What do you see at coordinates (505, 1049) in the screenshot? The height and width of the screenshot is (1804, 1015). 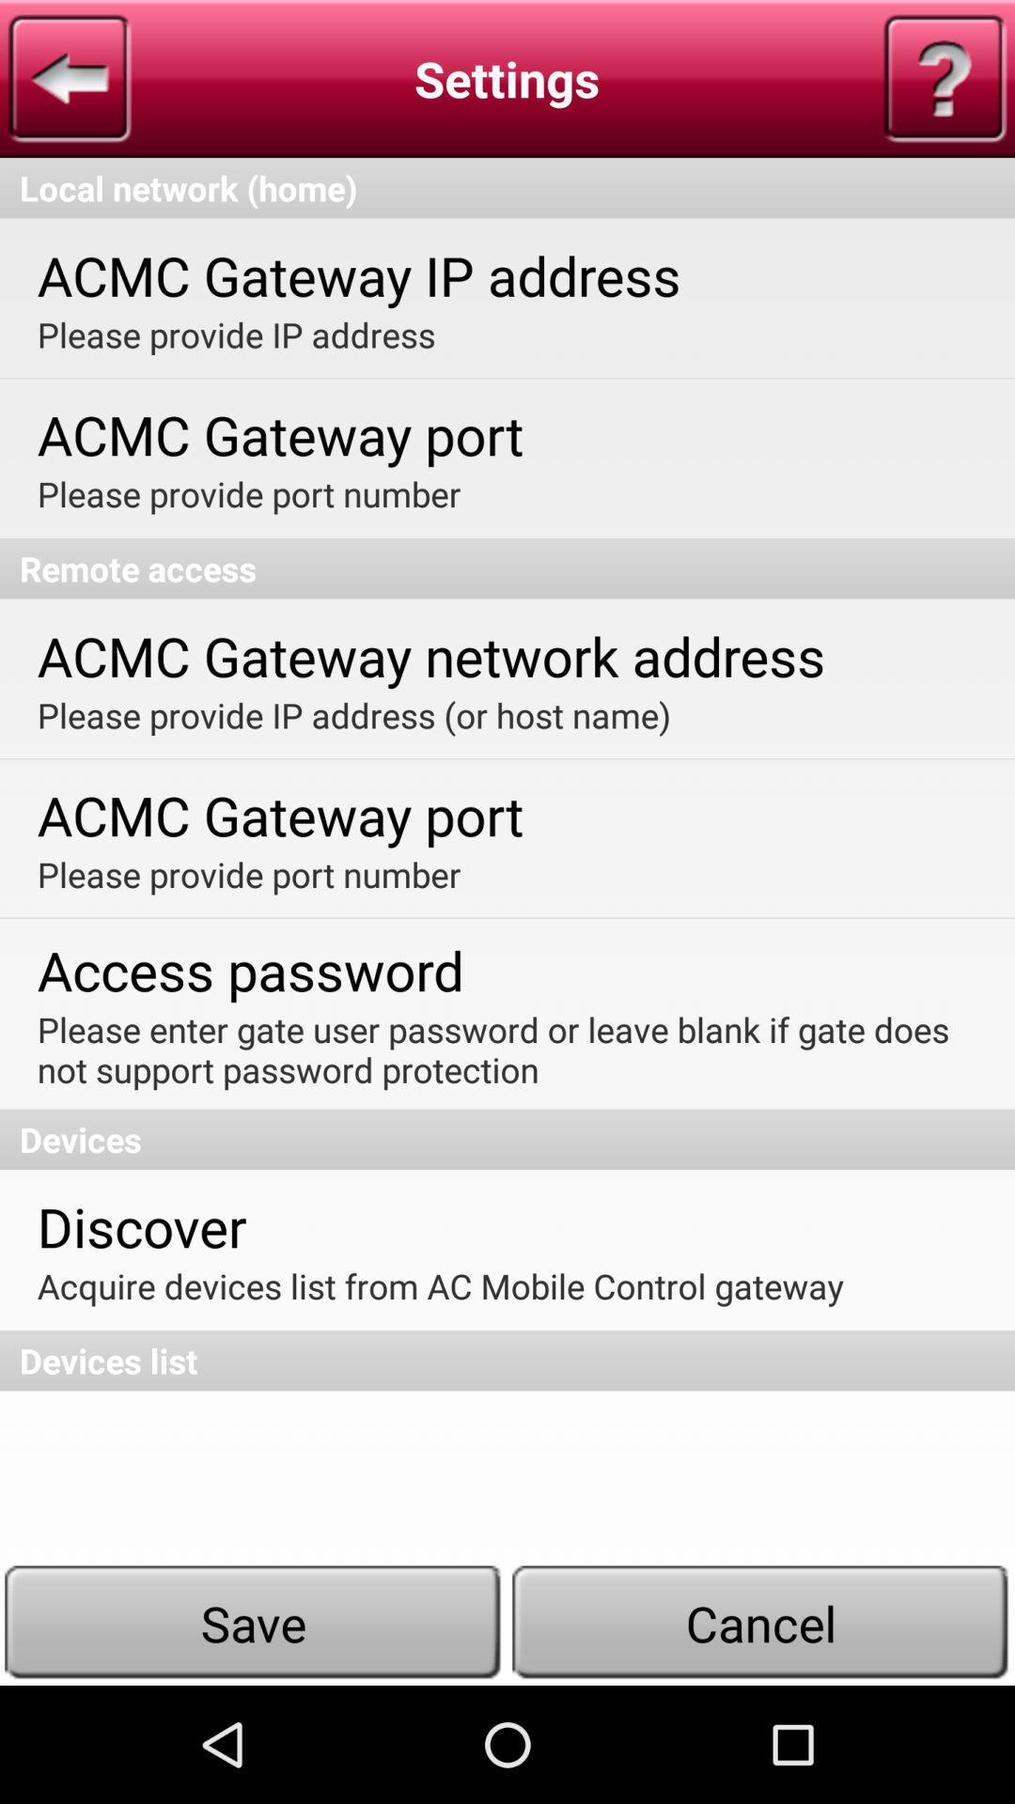 I see `the app below access password icon` at bounding box center [505, 1049].